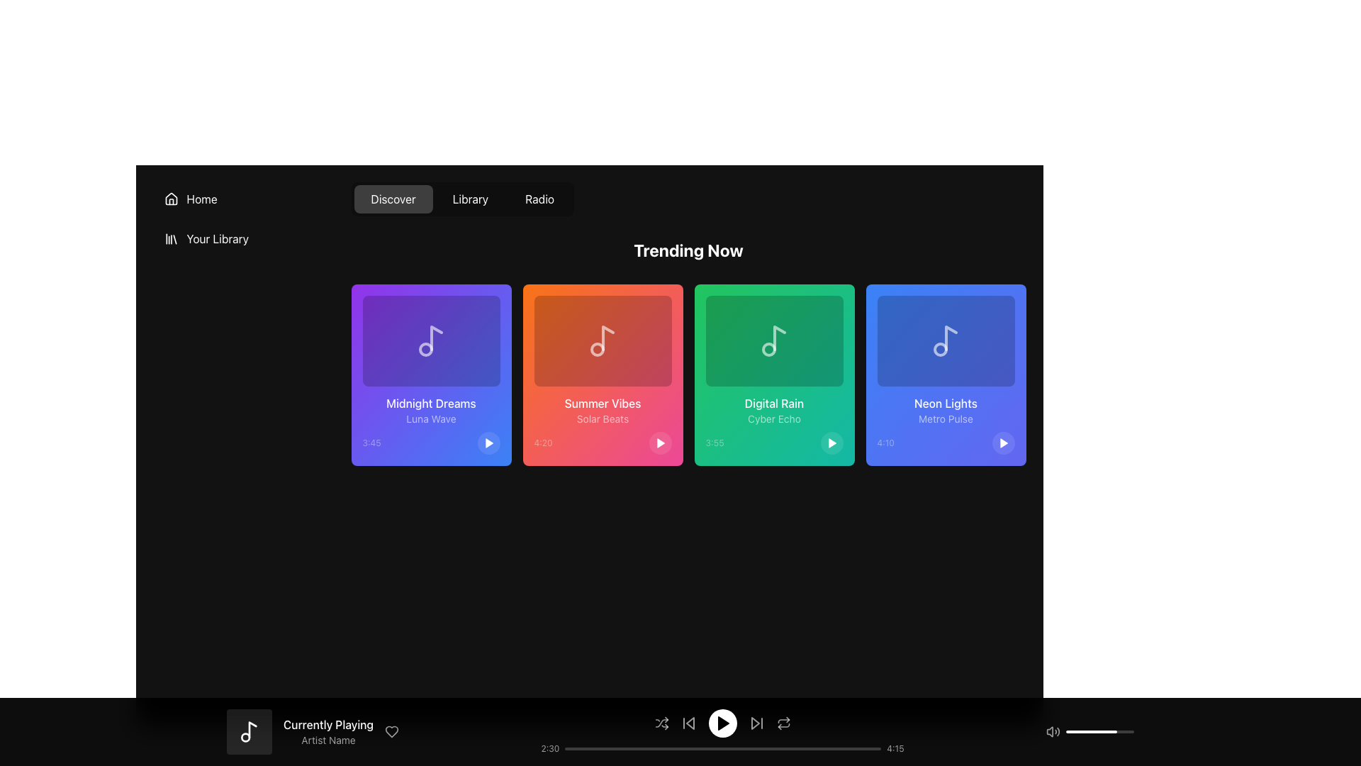 Image resolution: width=1361 pixels, height=766 pixels. Describe the element at coordinates (832, 442) in the screenshot. I see `the triangular play icon button in the 'Digital Rain' card located at the bottom-right corner of the third card in the 'Trending Now' section` at that location.